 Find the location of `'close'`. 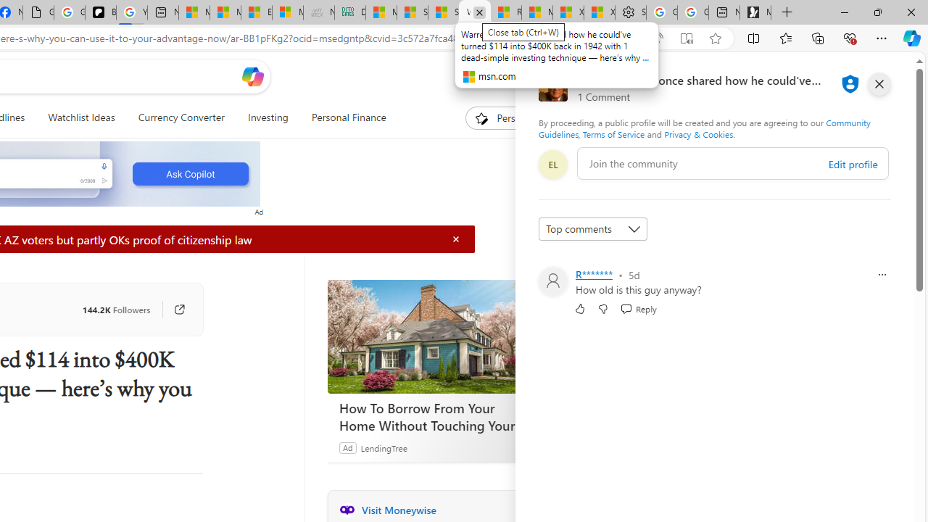

'close' is located at coordinates (878, 83).